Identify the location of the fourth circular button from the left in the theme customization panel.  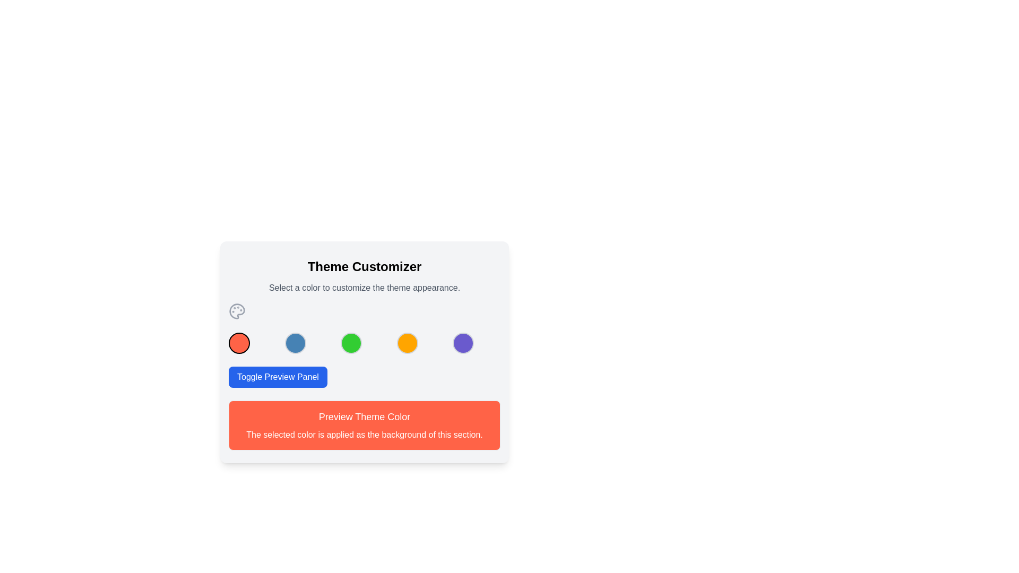
(407, 343).